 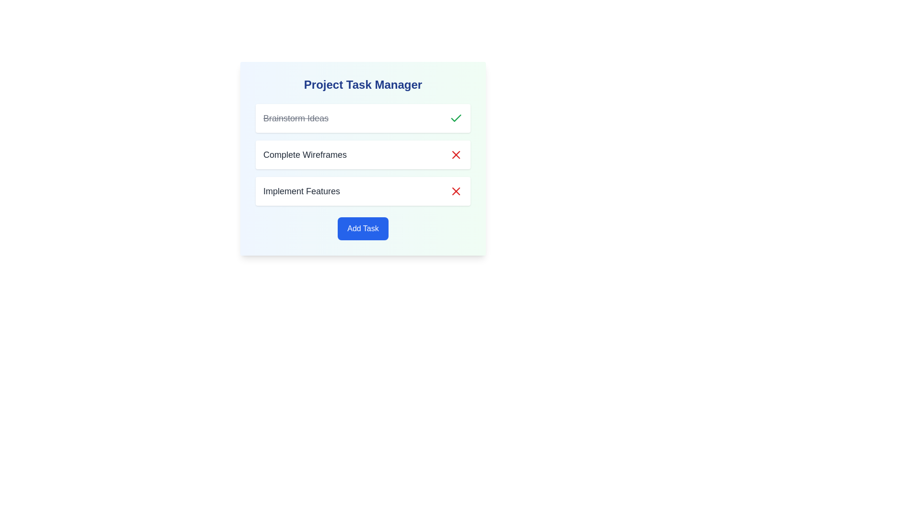 I want to click on the text label displaying 'Brainstorm Ideas' with a strikethrough in light gray color, located in the first task of the task management interface, so click(x=295, y=118).